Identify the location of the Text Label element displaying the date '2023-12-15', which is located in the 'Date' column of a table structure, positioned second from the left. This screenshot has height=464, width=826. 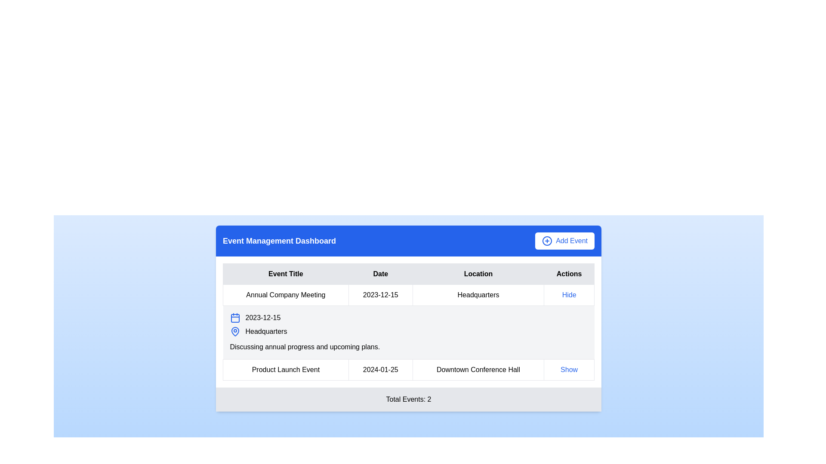
(380, 294).